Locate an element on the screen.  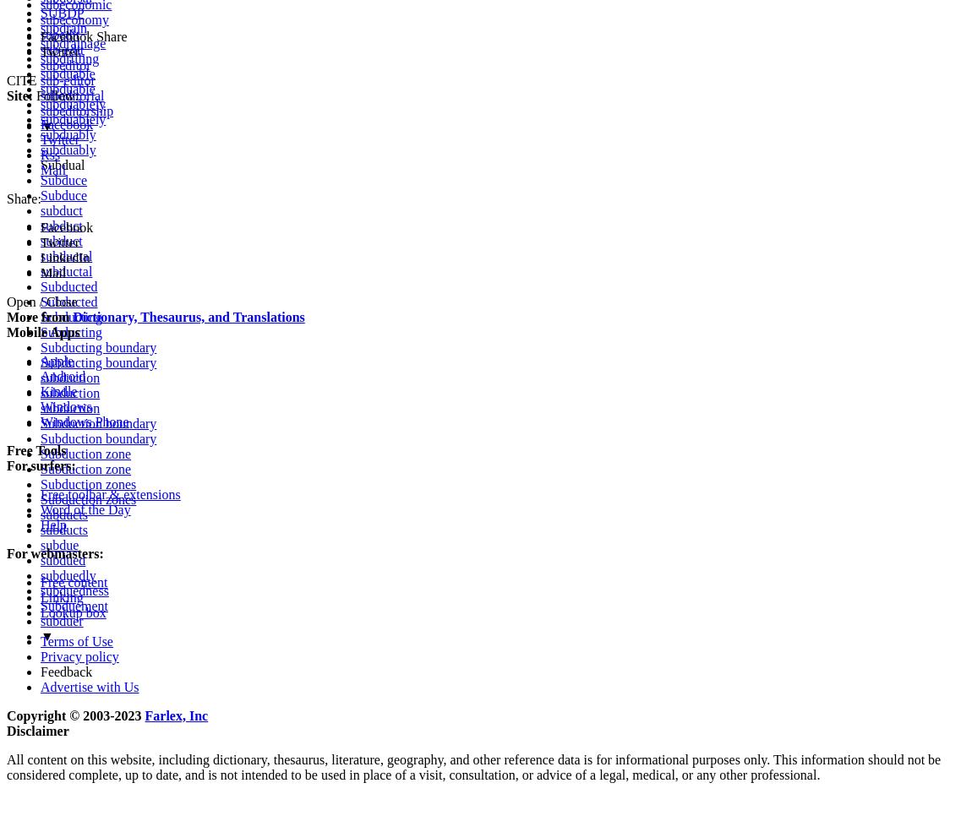
'Follow:' is located at coordinates (56, 95).